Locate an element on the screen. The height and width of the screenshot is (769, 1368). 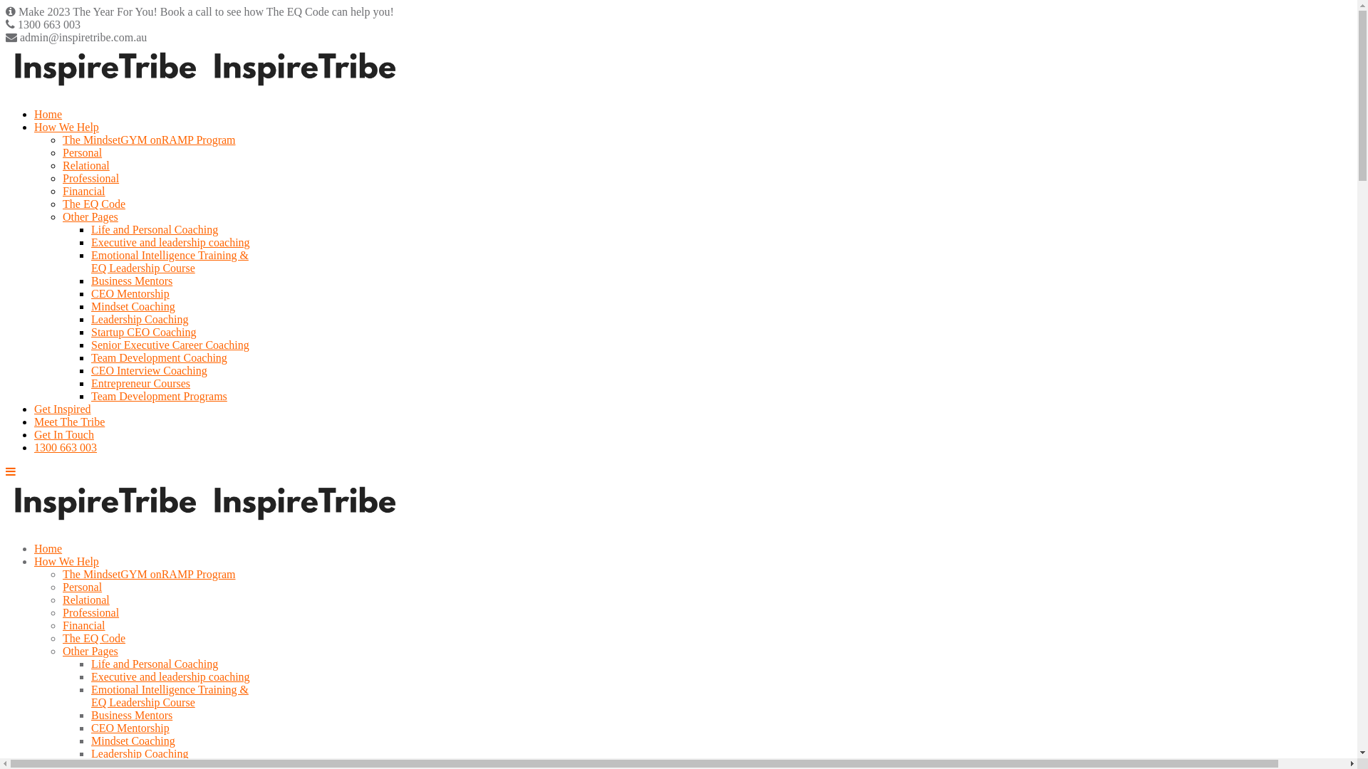
'Relational' is located at coordinates (85, 600).